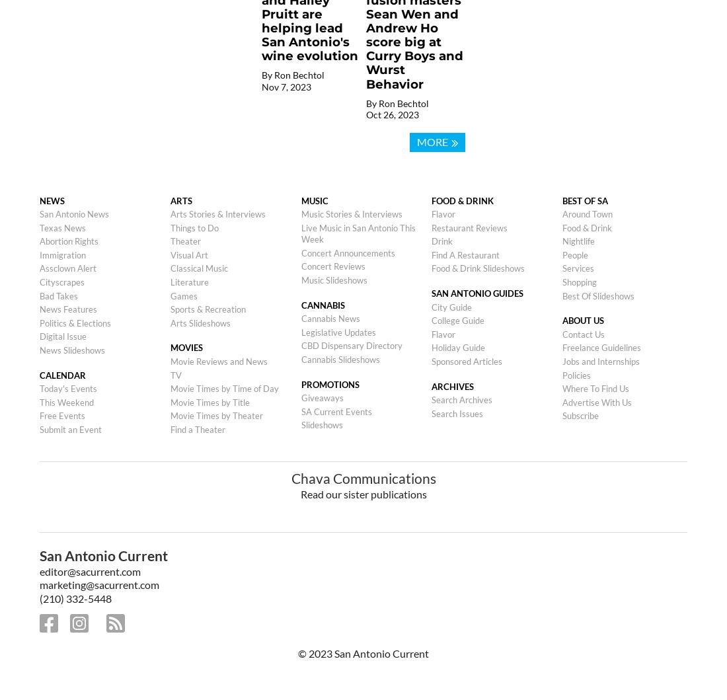 This screenshot has width=727, height=700. I want to click on 'Music', so click(313, 200).